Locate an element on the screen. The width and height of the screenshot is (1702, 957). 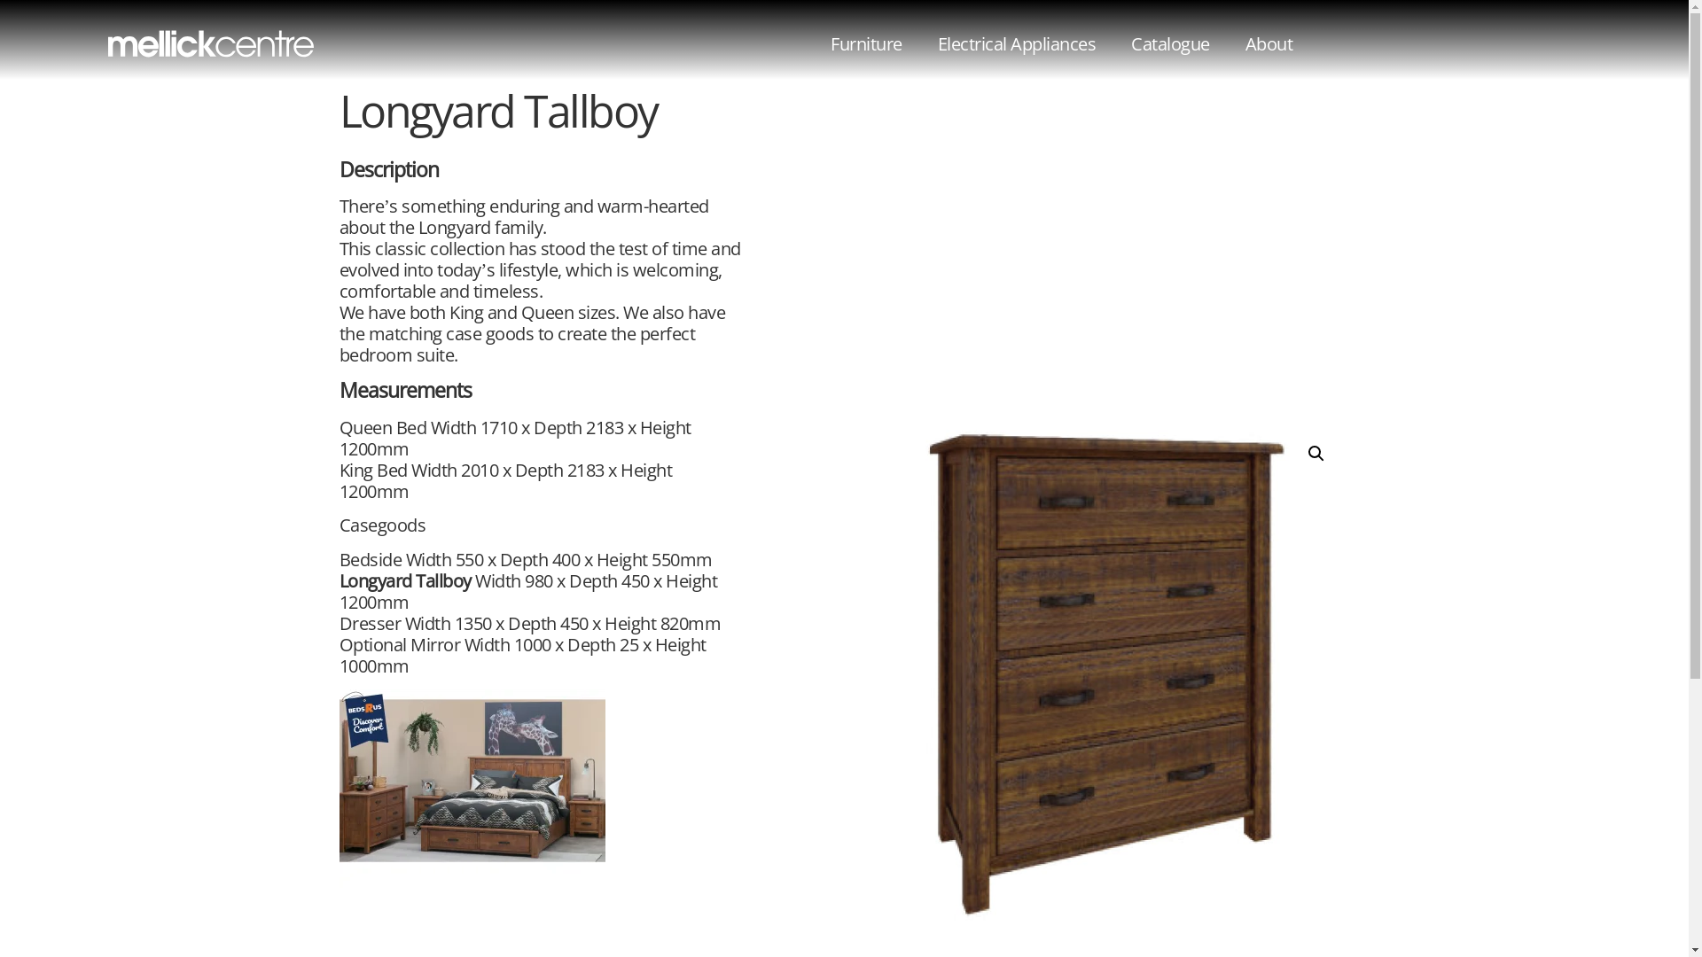
'Longyard Tallboy 1' is located at coordinates (472, 822).